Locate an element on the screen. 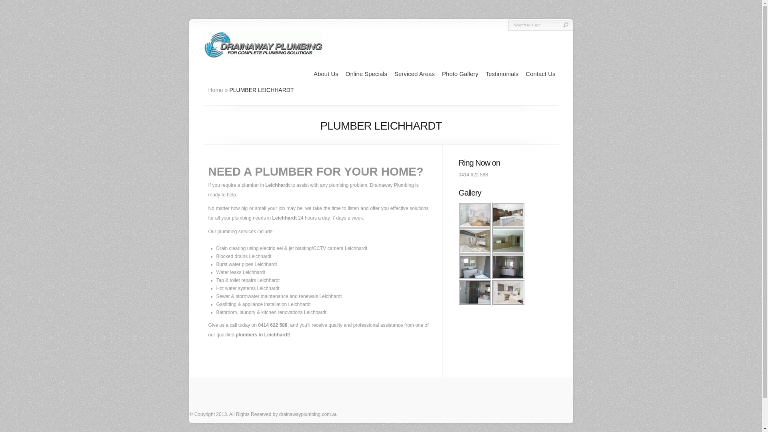 This screenshot has width=768, height=432. 'dsc0213' is located at coordinates (508, 214).